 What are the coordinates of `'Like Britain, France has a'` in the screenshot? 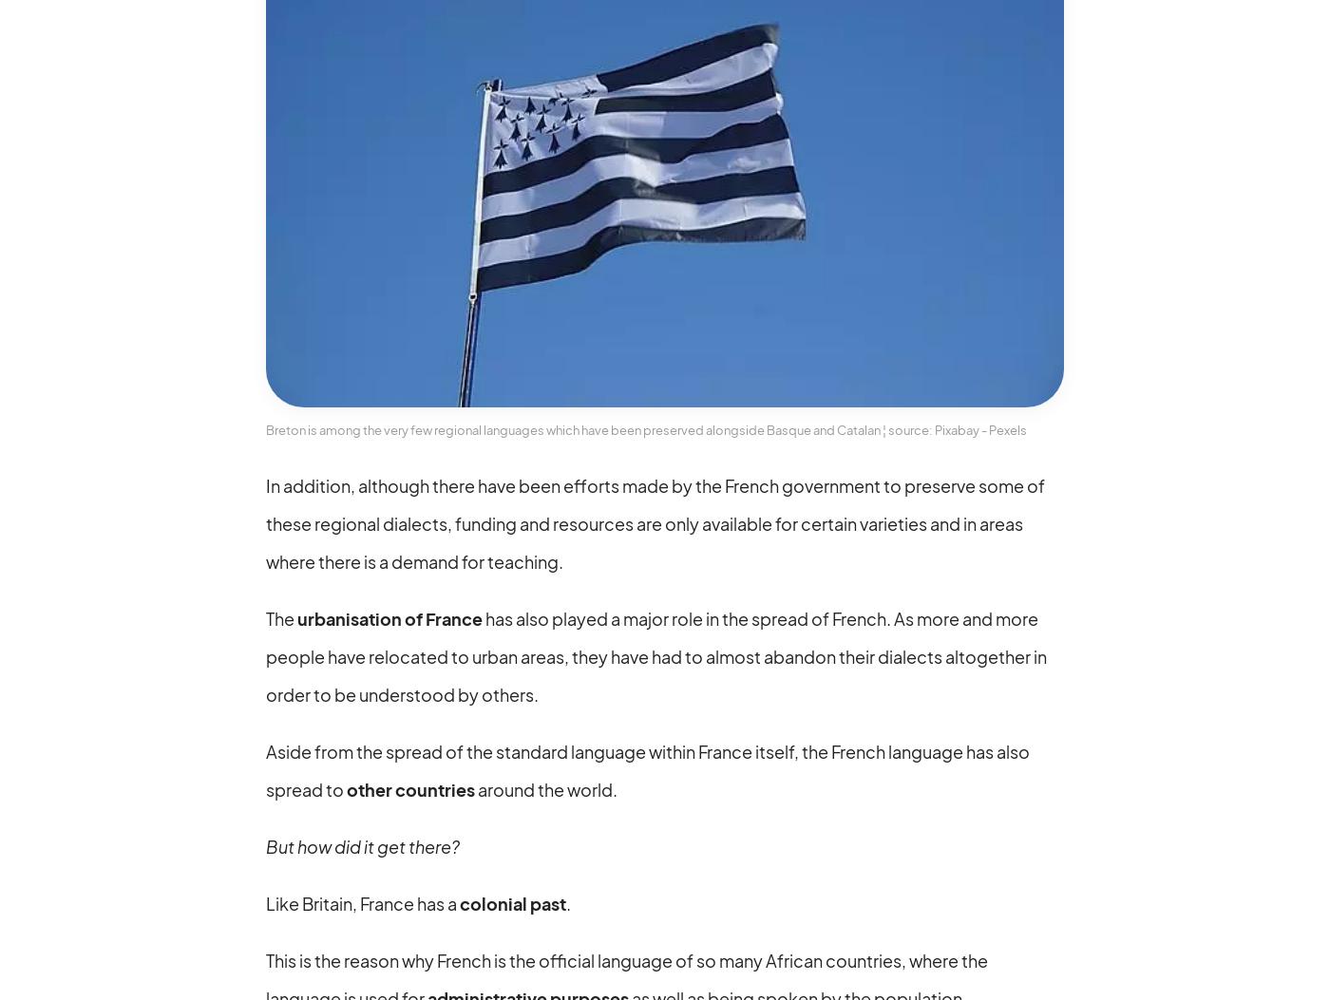 It's located at (363, 901).